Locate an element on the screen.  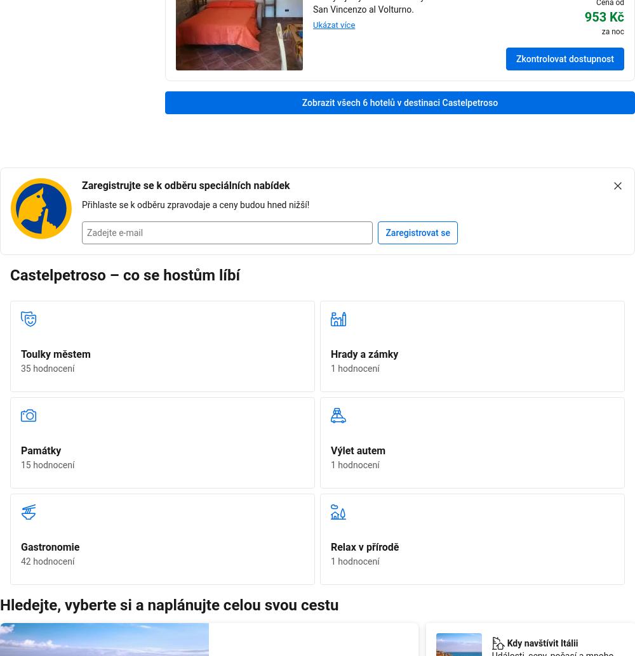
'Památky' is located at coordinates (40, 450).